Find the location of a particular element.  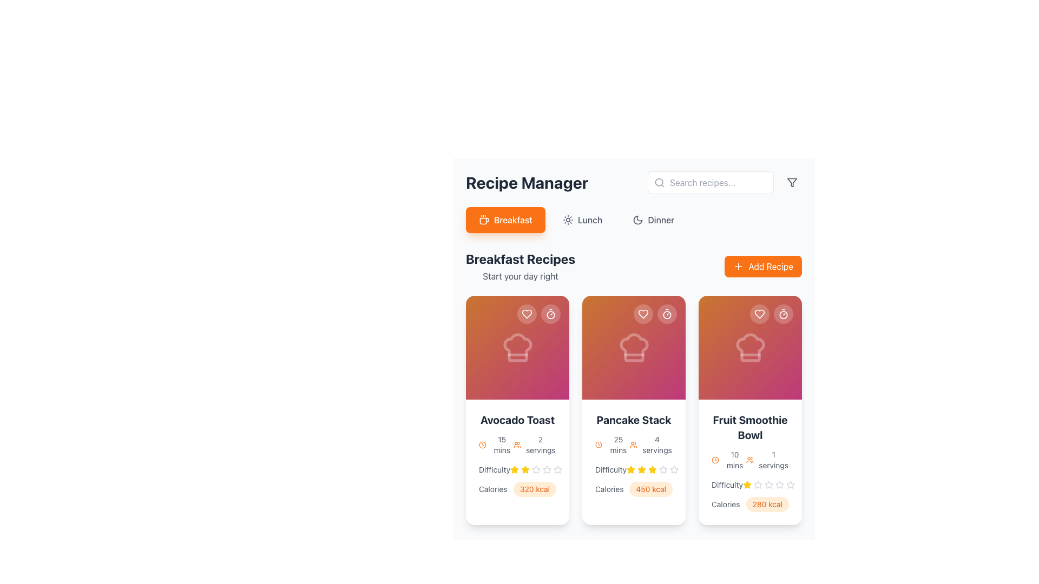

the fourth yellow star-shaped icon in the Difficulty section of the second recipe card is located at coordinates (652, 469).